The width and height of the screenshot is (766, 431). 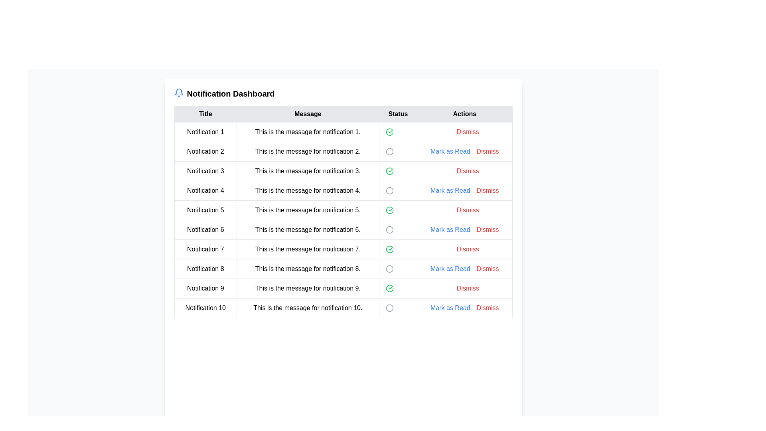 What do you see at coordinates (343, 170) in the screenshot?
I see `the 'Dismiss' link in the row for 'Notification 3' in the Notification Dashboard` at bounding box center [343, 170].